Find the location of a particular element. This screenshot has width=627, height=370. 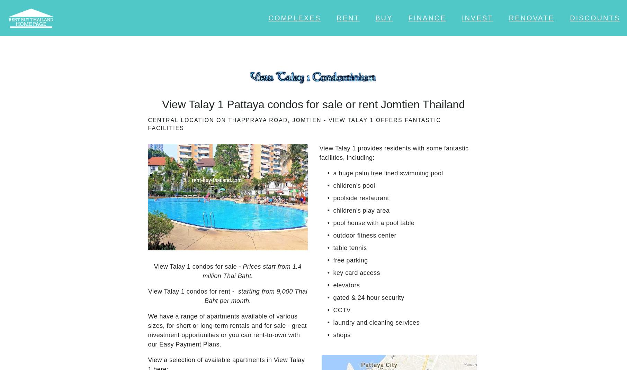

'gated & 24 hour security' is located at coordinates (368, 298).